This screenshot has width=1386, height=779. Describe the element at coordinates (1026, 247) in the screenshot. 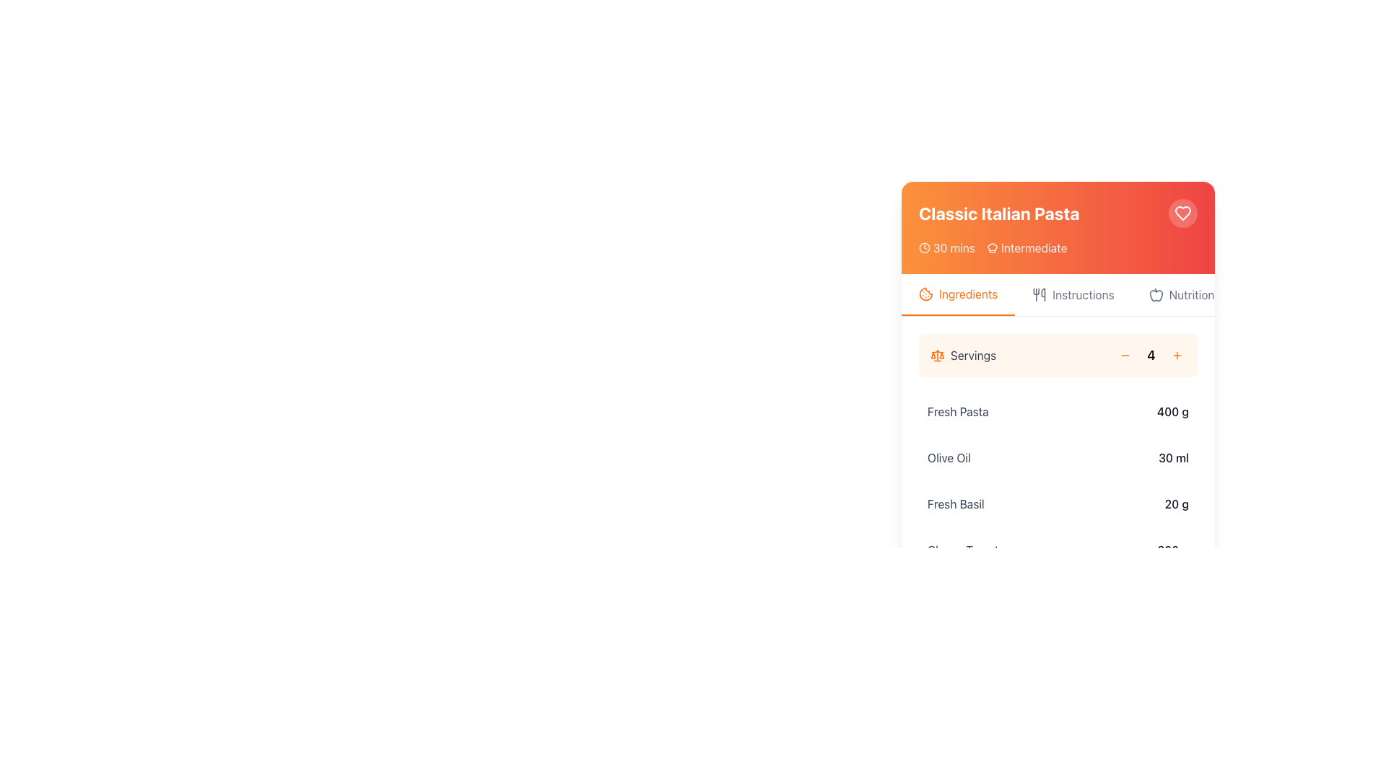

I see `text label 'Intermediate' which is accompanied by a chef's hat icon, located in the top portion of the interface, to the right of the '30 mins' element` at that location.